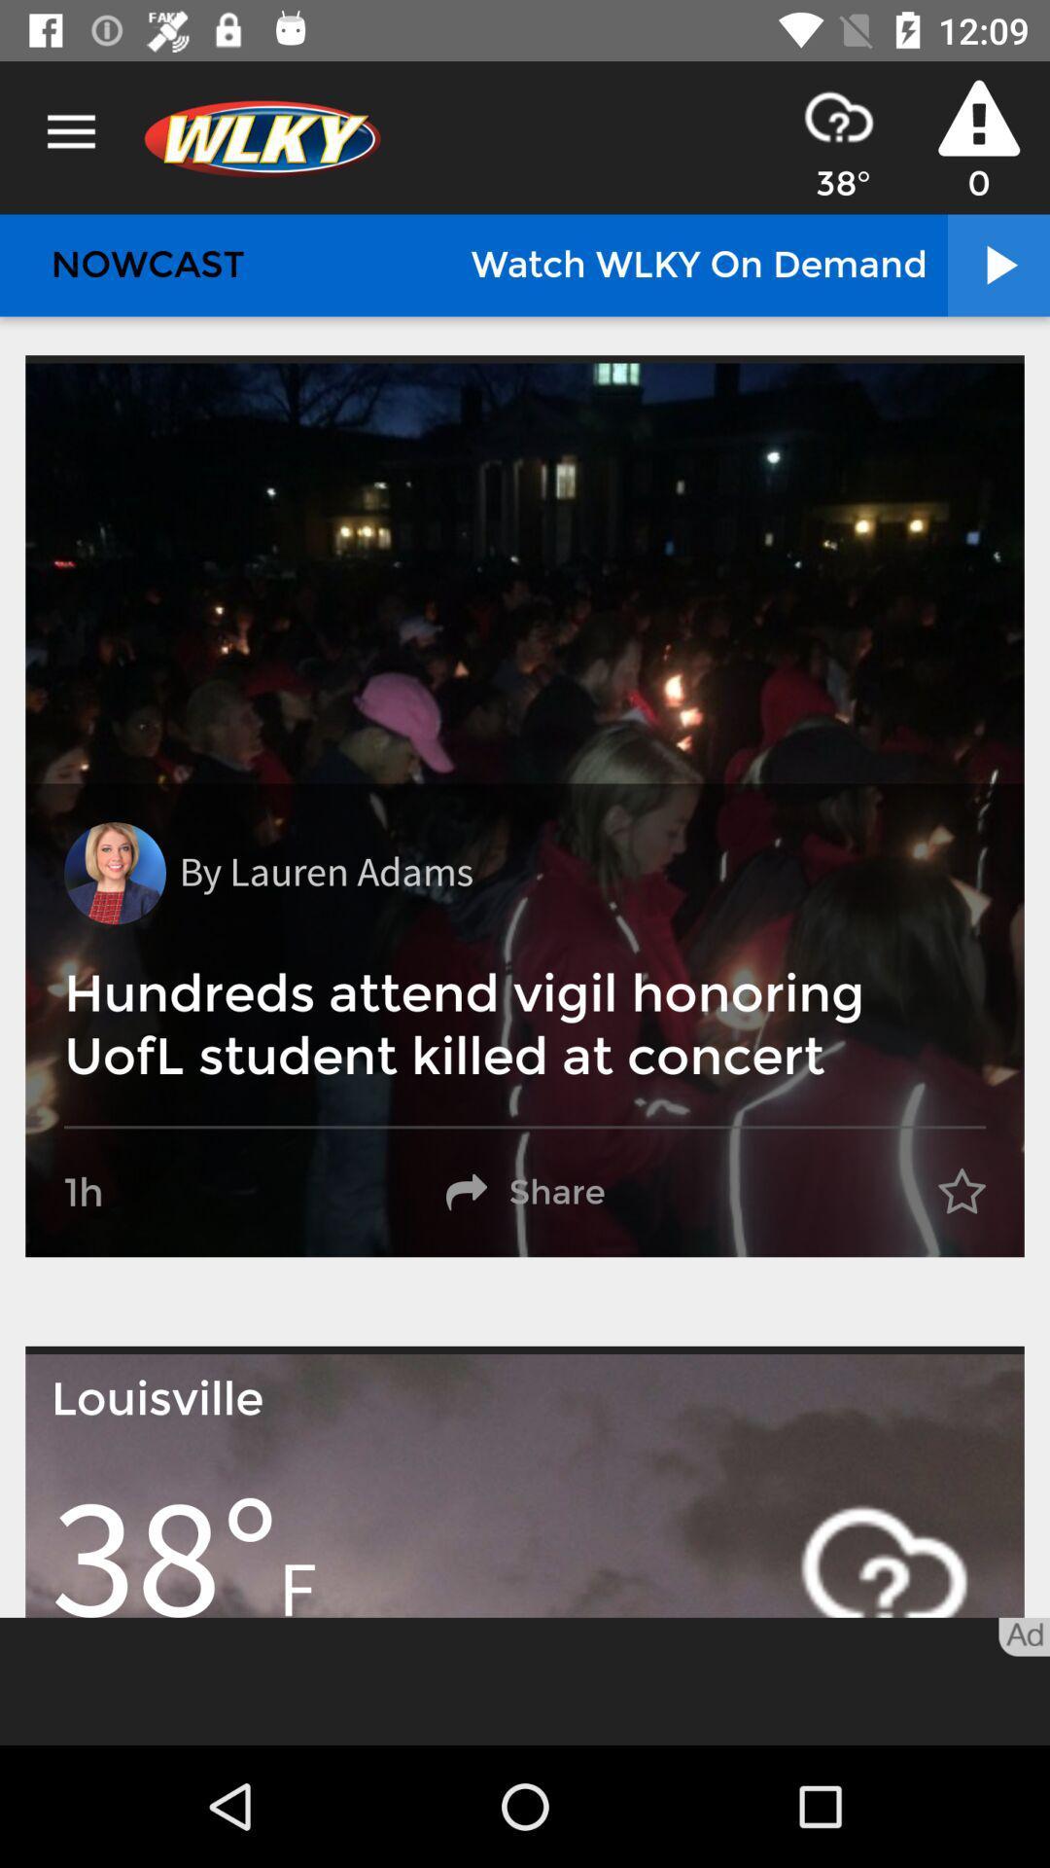 This screenshot has height=1868, width=1050. Describe the element at coordinates (115, 872) in the screenshot. I see `the icon next to the by lauren adams item` at that location.